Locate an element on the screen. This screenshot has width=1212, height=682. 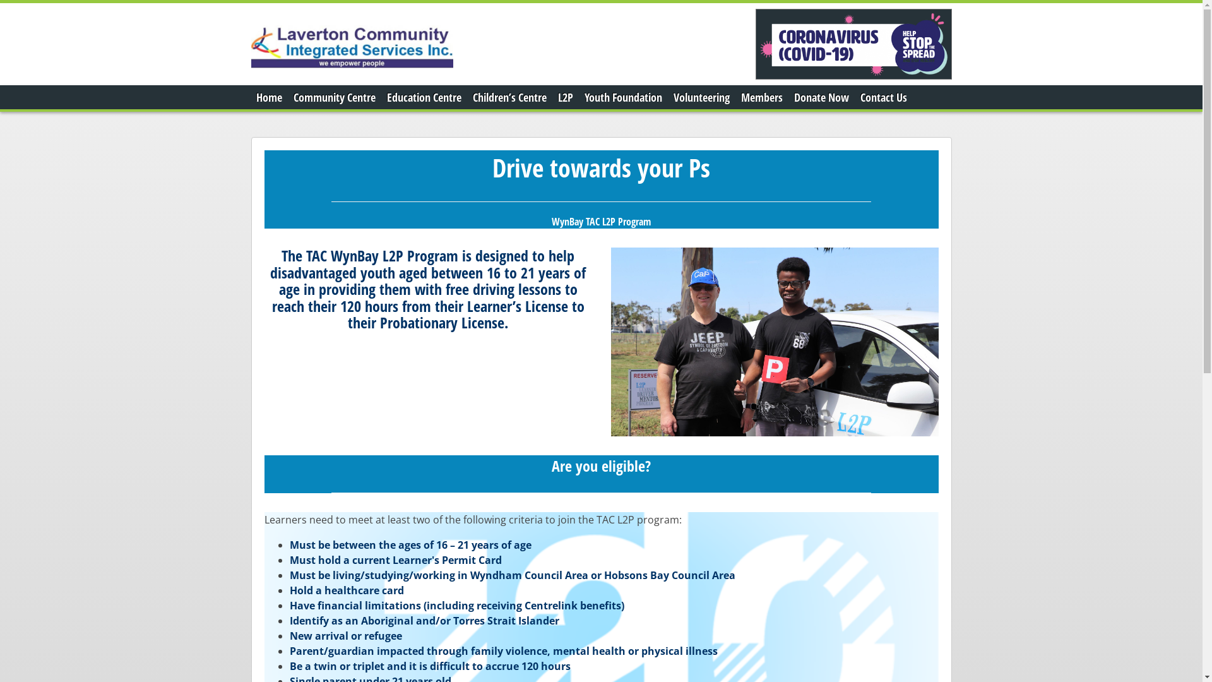
'Education Centre' is located at coordinates (424, 97).